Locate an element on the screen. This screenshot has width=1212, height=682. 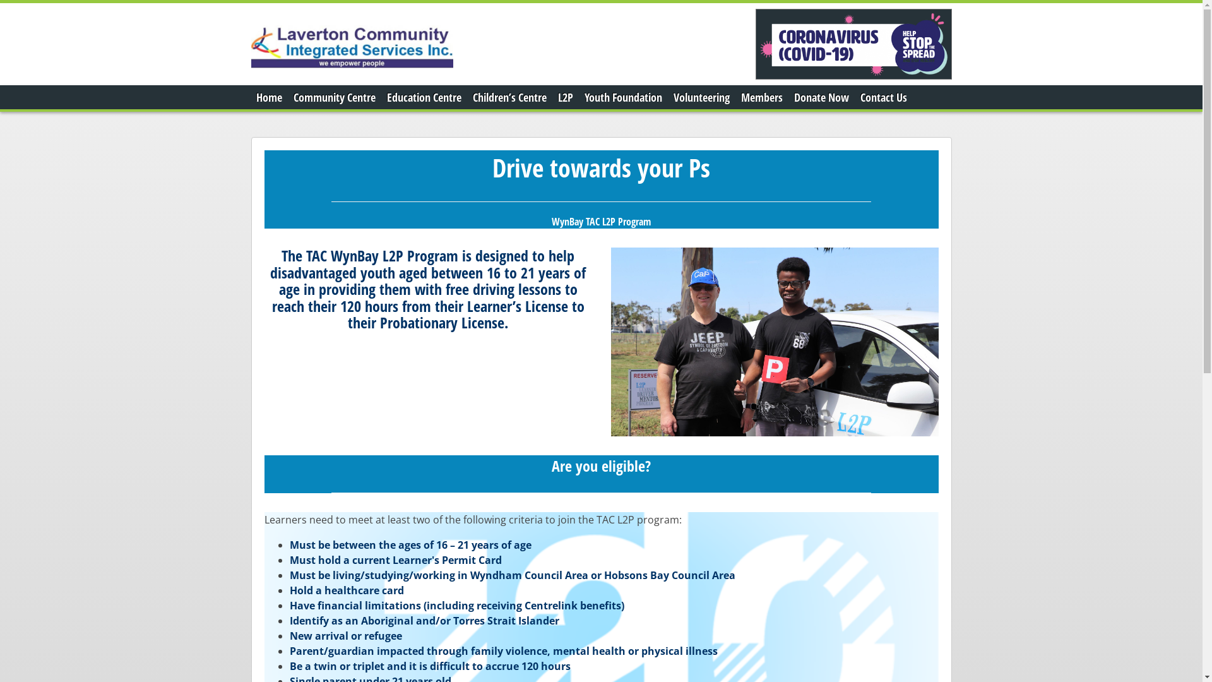
'Education Centre' is located at coordinates (424, 97).